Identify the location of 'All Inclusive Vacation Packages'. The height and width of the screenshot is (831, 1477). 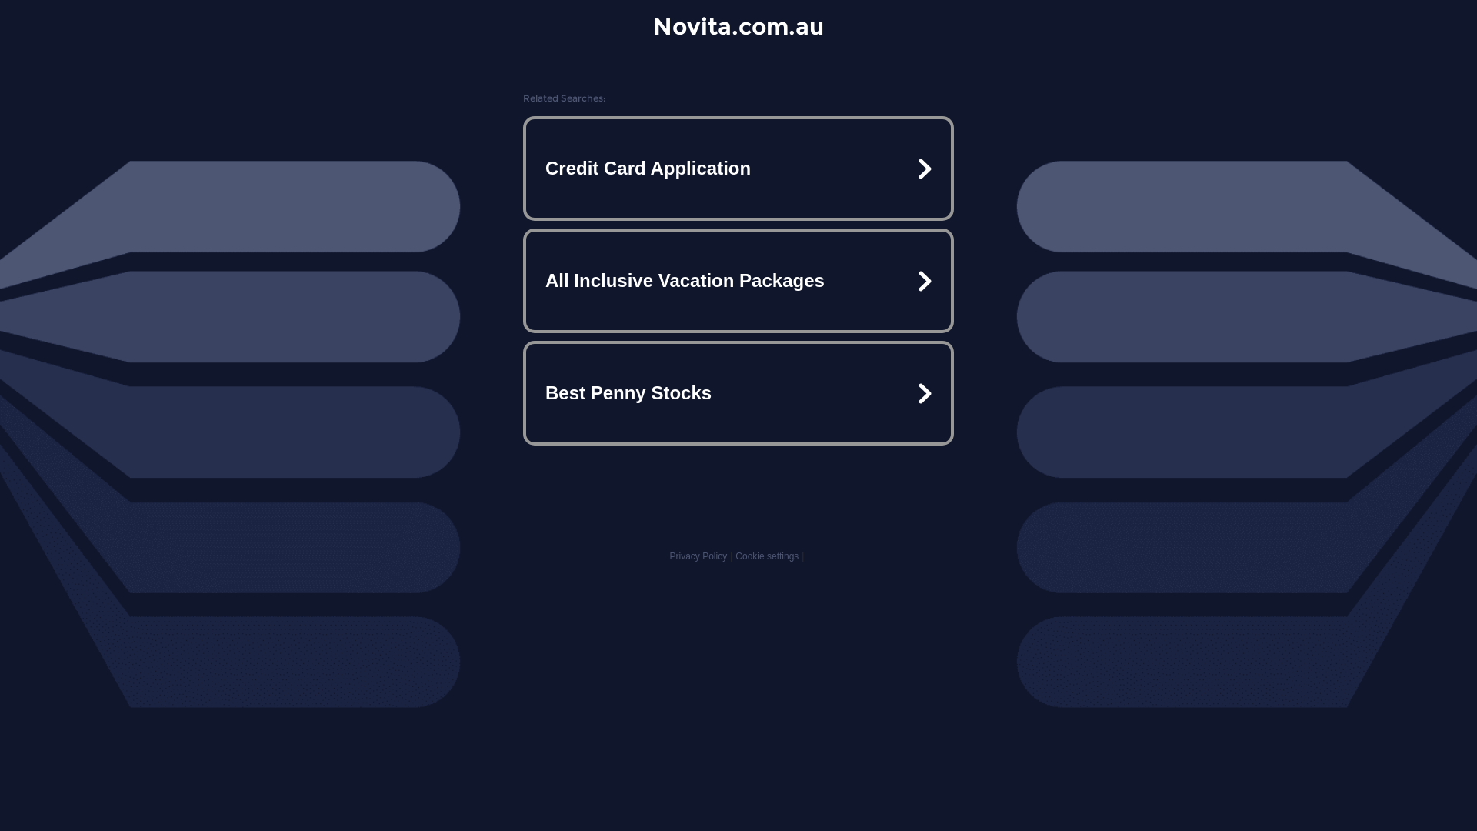
(738, 281).